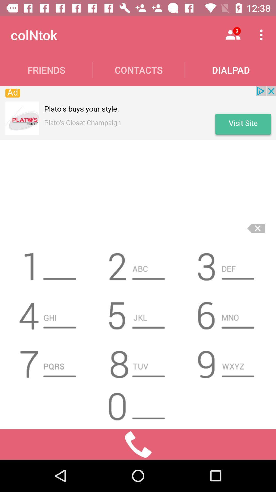 The image size is (276, 492). I want to click on 8  icon, so click(138, 362).